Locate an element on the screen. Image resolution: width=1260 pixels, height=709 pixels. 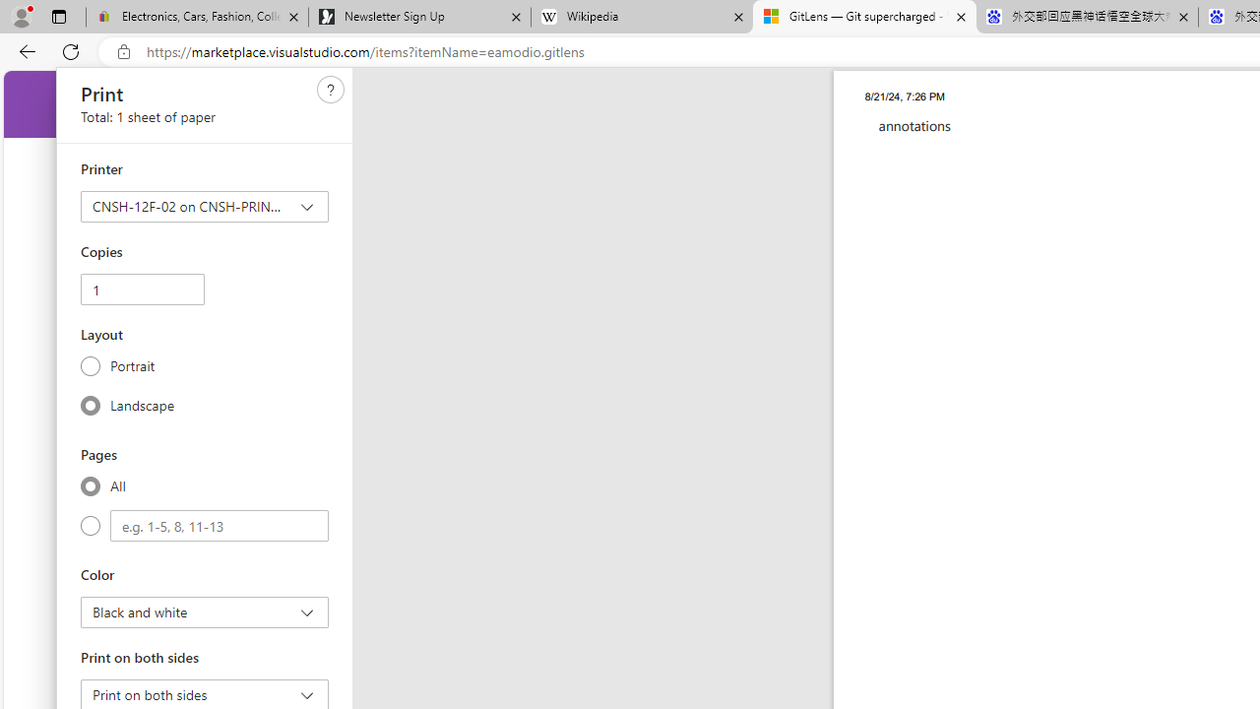
'Color Black and white' is located at coordinates (205, 612).